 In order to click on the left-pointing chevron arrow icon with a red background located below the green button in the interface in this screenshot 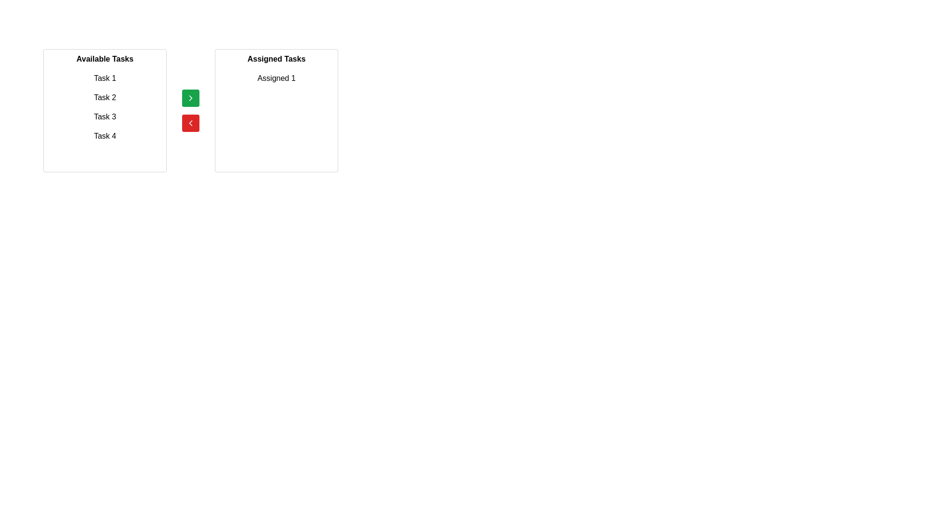, I will do `click(190, 122)`.